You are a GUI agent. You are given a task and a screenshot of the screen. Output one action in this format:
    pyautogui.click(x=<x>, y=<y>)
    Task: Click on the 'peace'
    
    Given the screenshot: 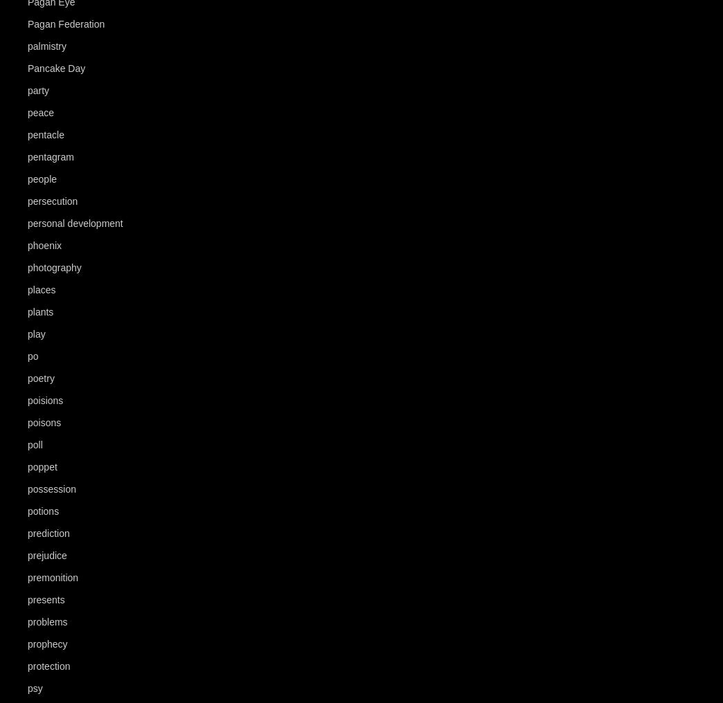 What is the action you would take?
    pyautogui.click(x=39, y=111)
    